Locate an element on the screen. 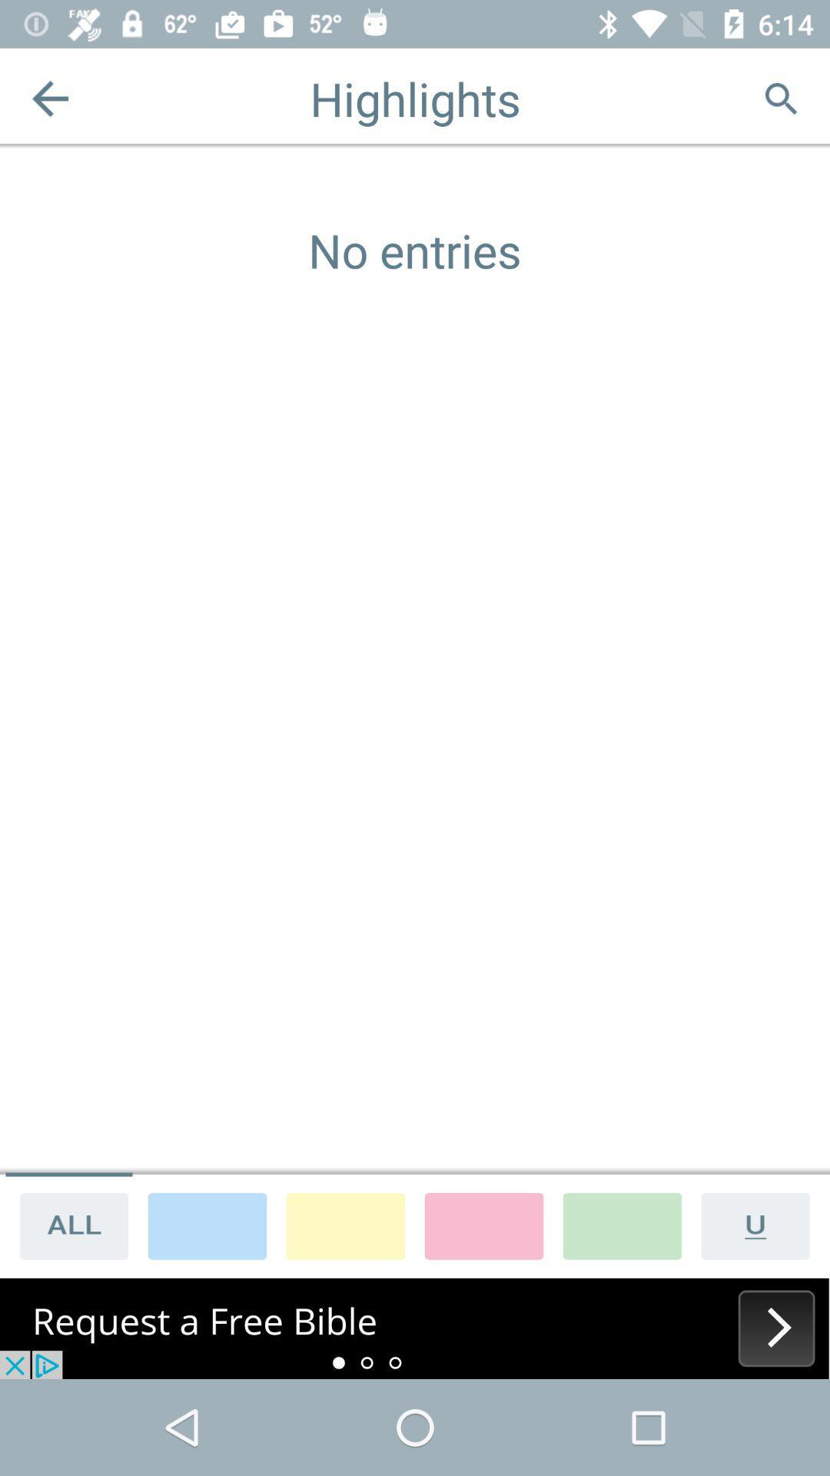  to return is located at coordinates (49, 98).